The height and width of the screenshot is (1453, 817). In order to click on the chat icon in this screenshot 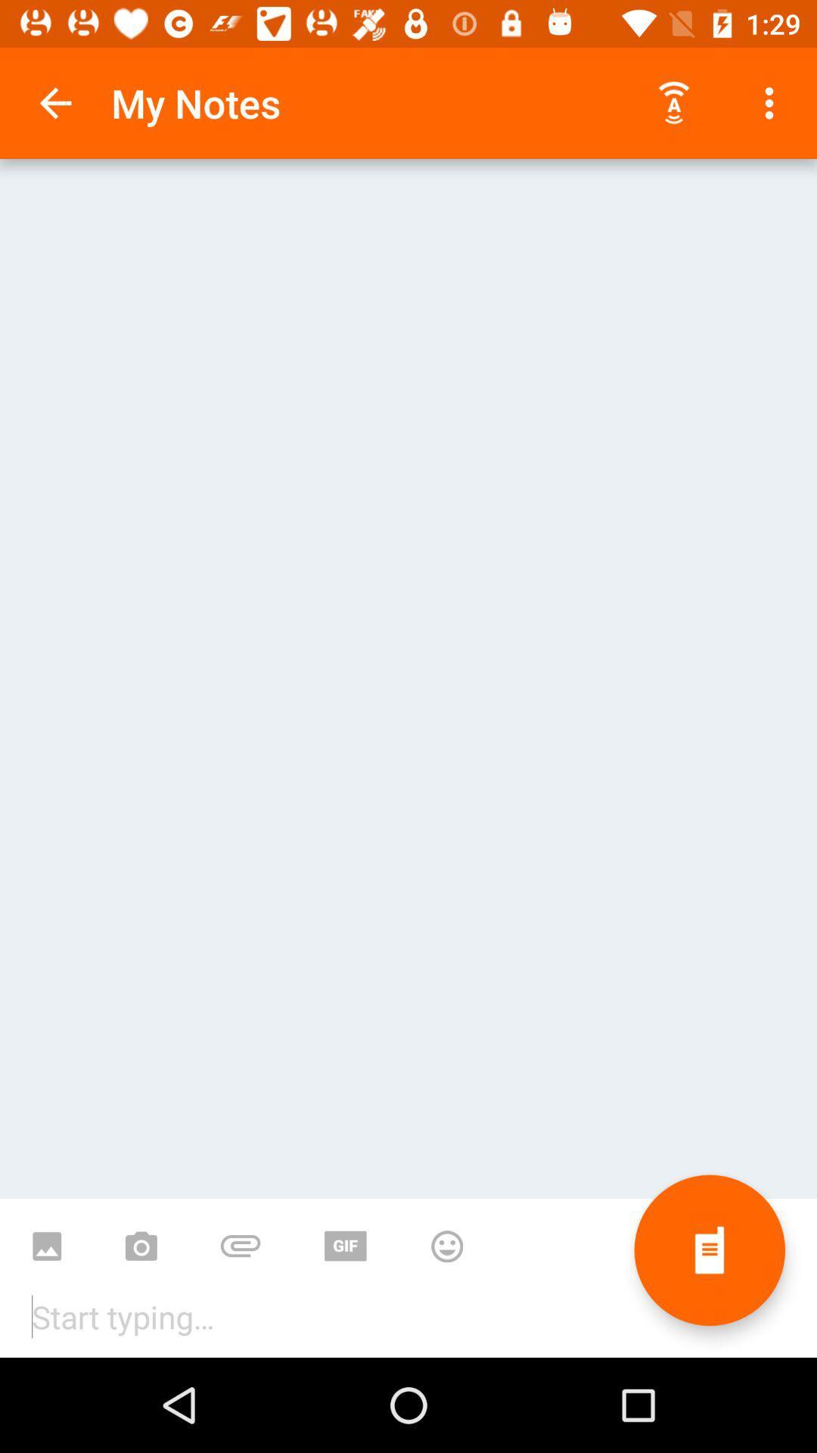, I will do `click(239, 1236)`.